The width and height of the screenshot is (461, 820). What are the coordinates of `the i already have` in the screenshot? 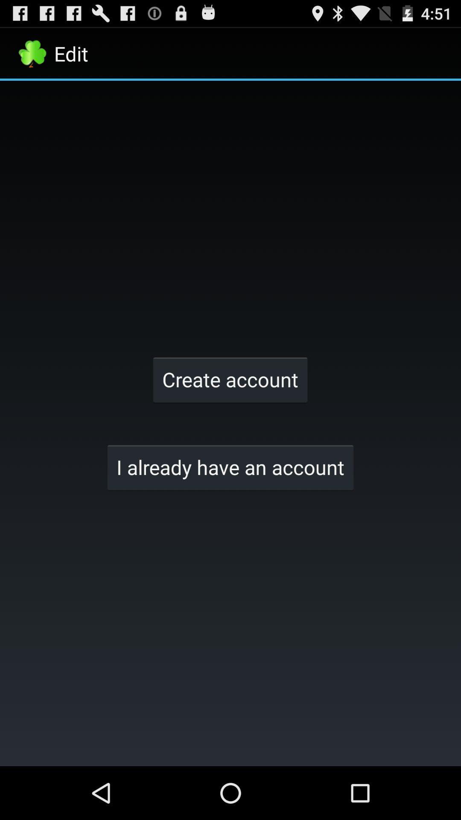 It's located at (230, 467).